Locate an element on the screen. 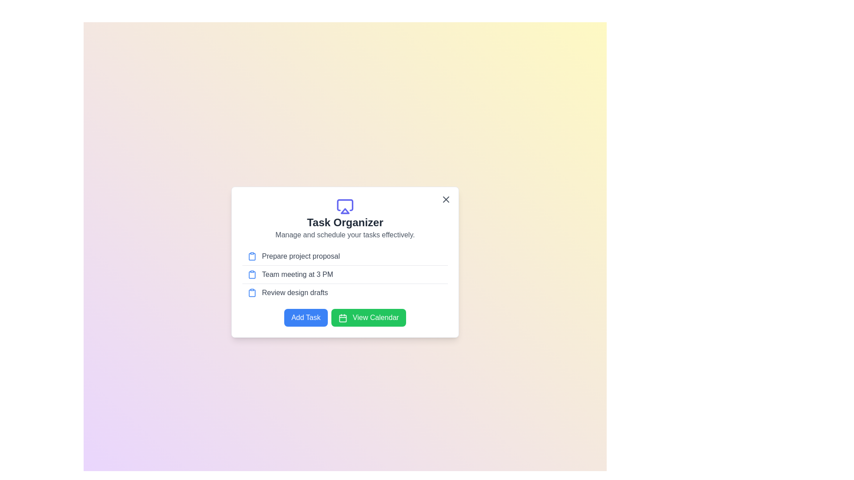  Text Label that represents the scheduled team meeting, positioned between 'Prepare project proposal' and 'Review design drafts' is located at coordinates (298, 274).